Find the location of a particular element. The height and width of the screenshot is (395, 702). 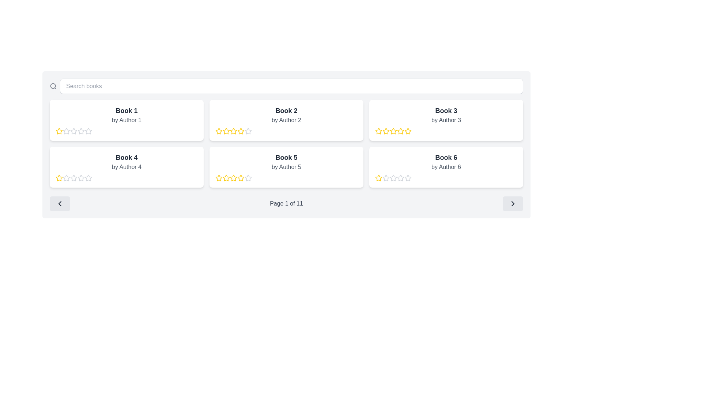

the second rating star icon for 'Book 4' by 'Author 4' is located at coordinates (88, 178).